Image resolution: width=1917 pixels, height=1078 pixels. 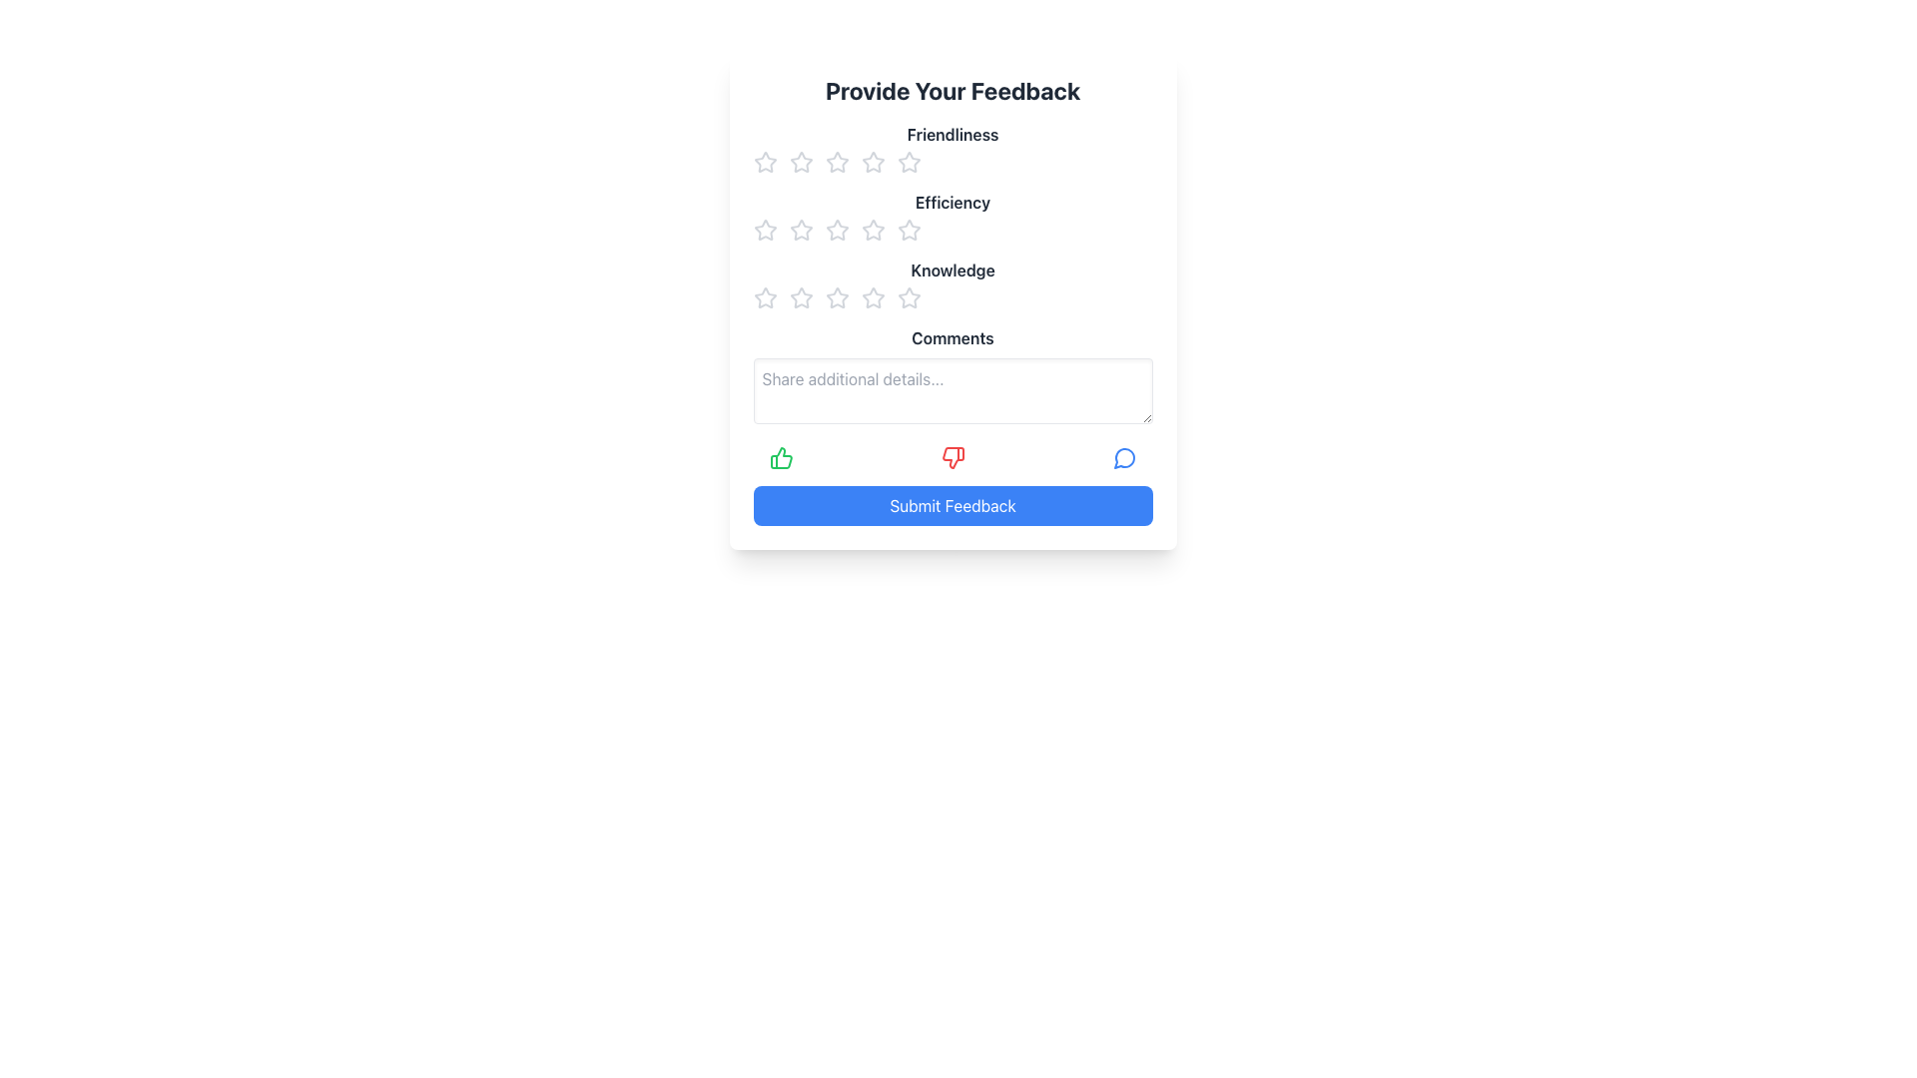 I want to click on the third star in the star rating group labeled 'Efficiency' in the feedback form, so click(x=908, y=229).